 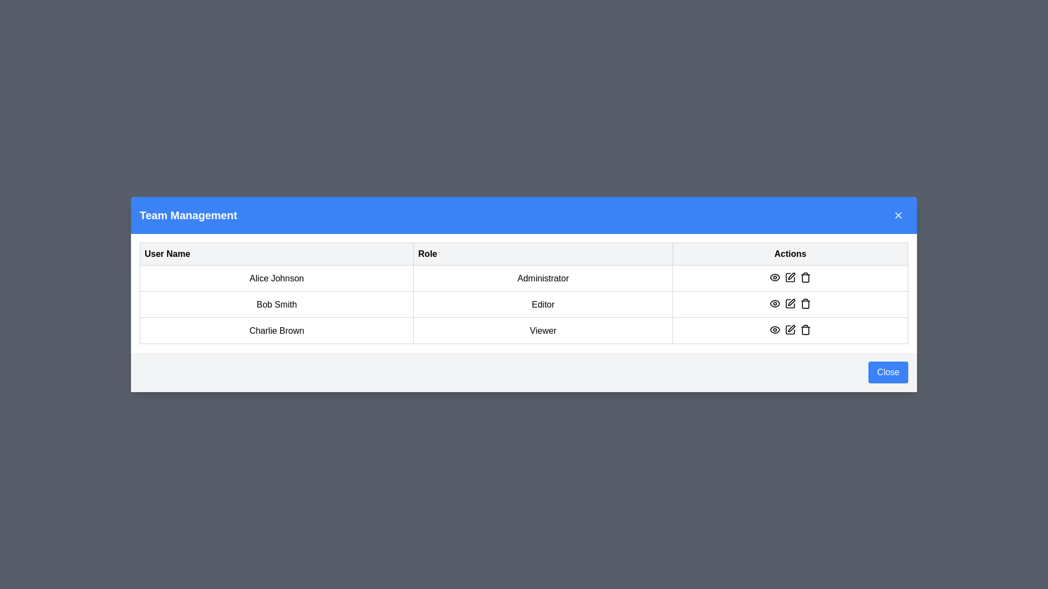 I want to click on the Header Label element, which serves as the title for the team management modal, located on the left side of the blue header bar at the top, so click(x=188, y=215).